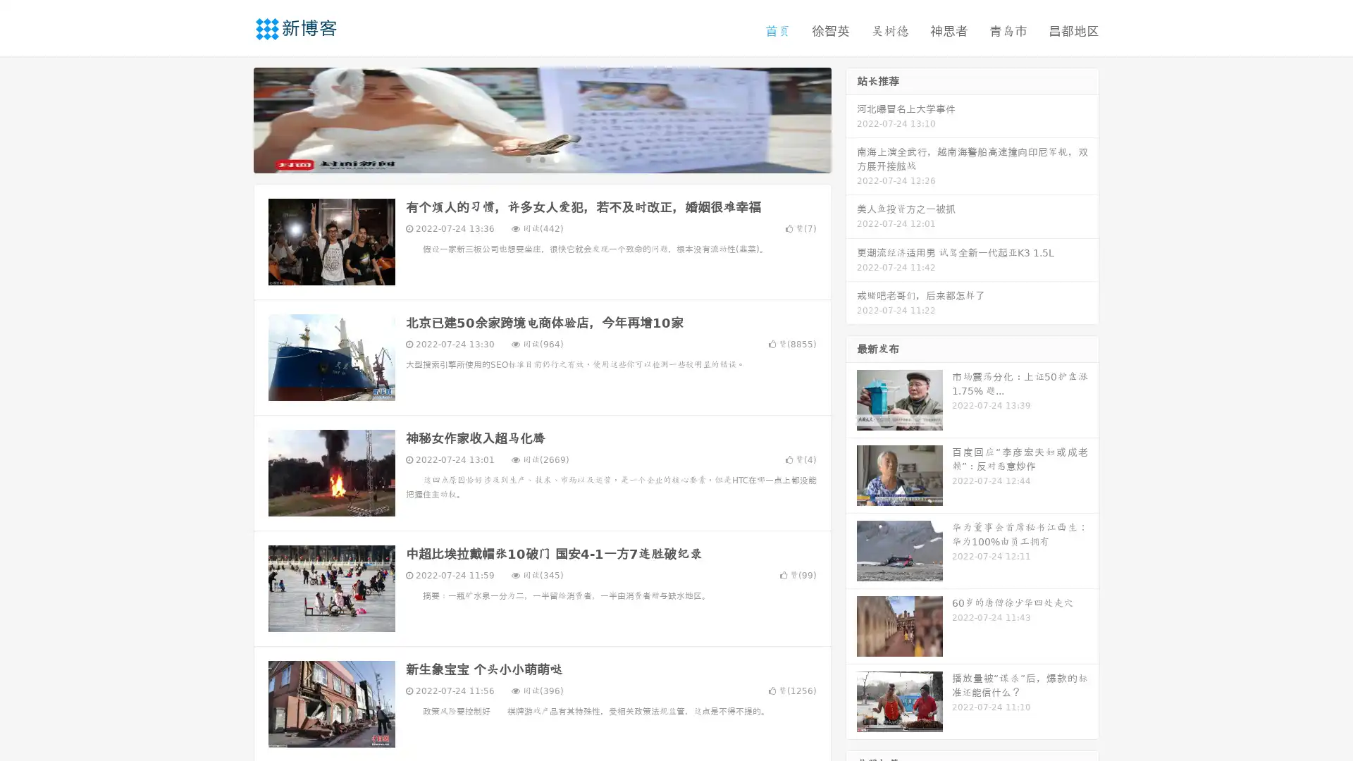 Image resolution: width=1353 pixels, height=761 pixels. What do you see at coordinates (556, 159) in the screenshot?
I see `Go to slide 3` at bounding box center [556, 159].